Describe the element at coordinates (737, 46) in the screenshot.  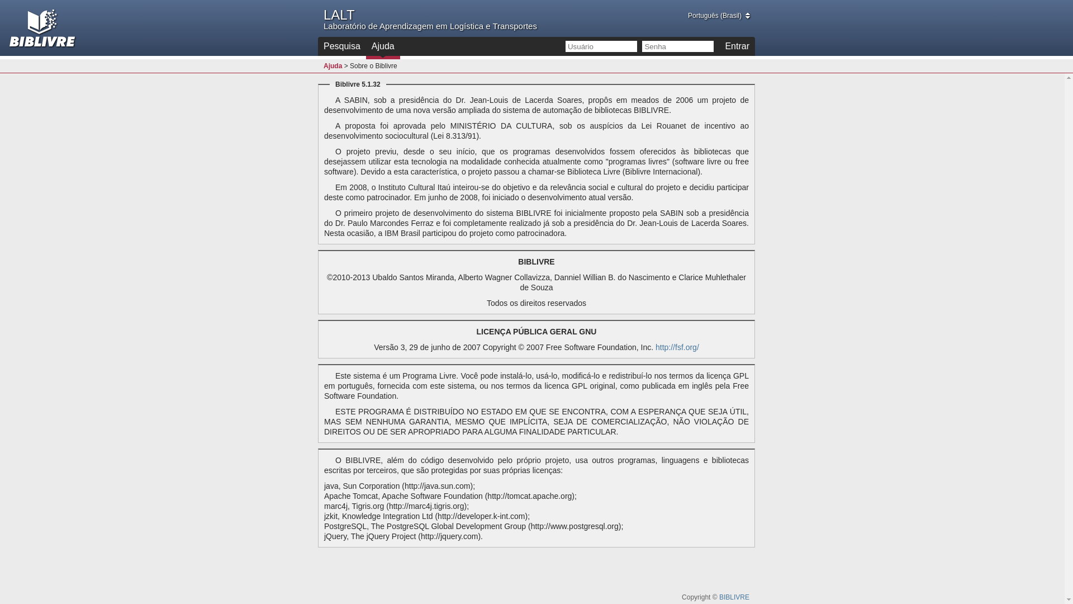
I see `'Entrar'` at that location.